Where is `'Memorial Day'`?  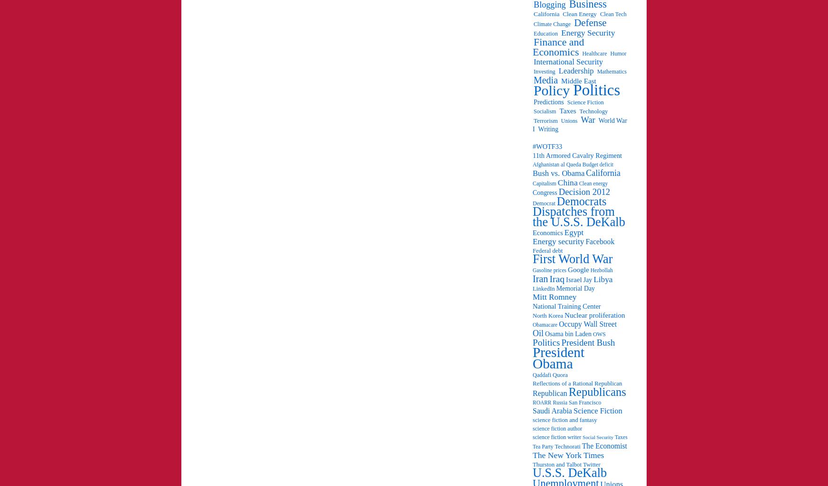
'Memorial Day' is located at coordinates (575, 288).